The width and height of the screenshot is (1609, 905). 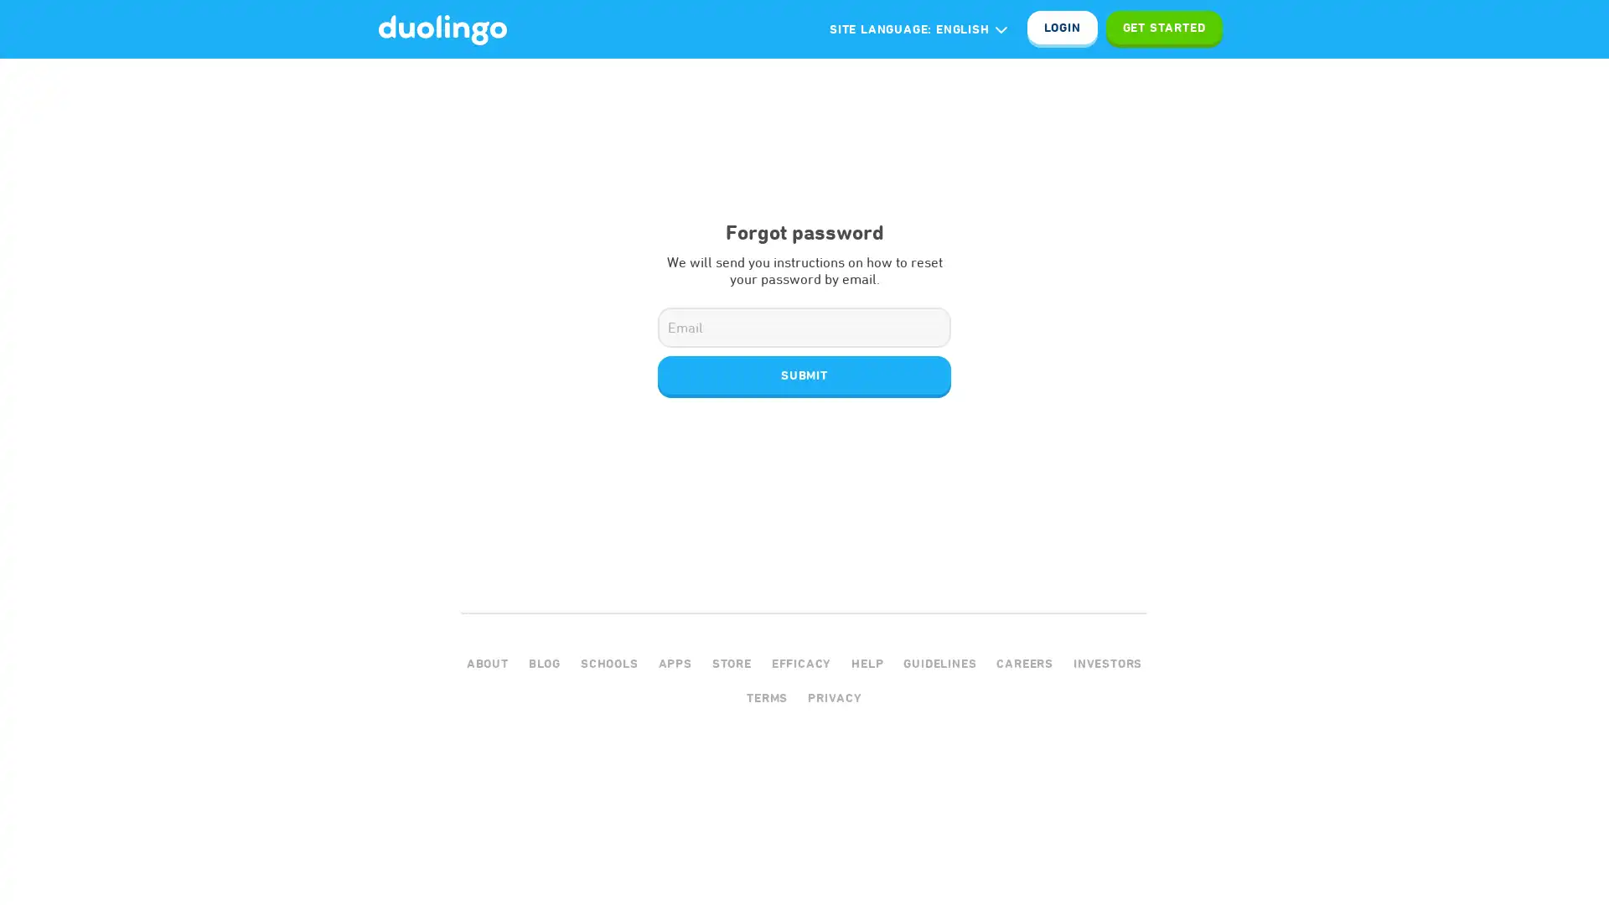 I want to click on SUBMIT, so click(x=804, y=375).